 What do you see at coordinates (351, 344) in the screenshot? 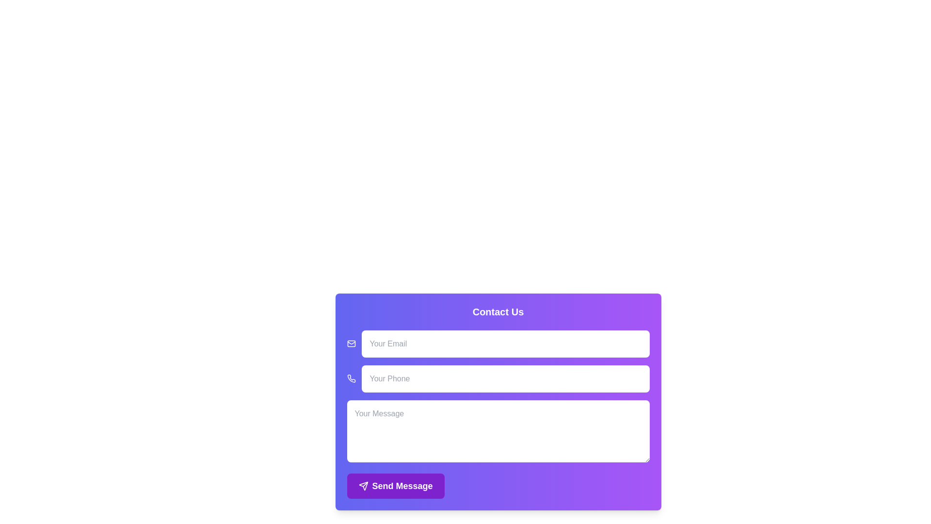
I see `the email icon, which is a minimal envelope symbol outlined without fill, located at the top left of the 'Contact Us' panel adjacent to the 'Your Email' text input box` at bounding box center [351, 344].